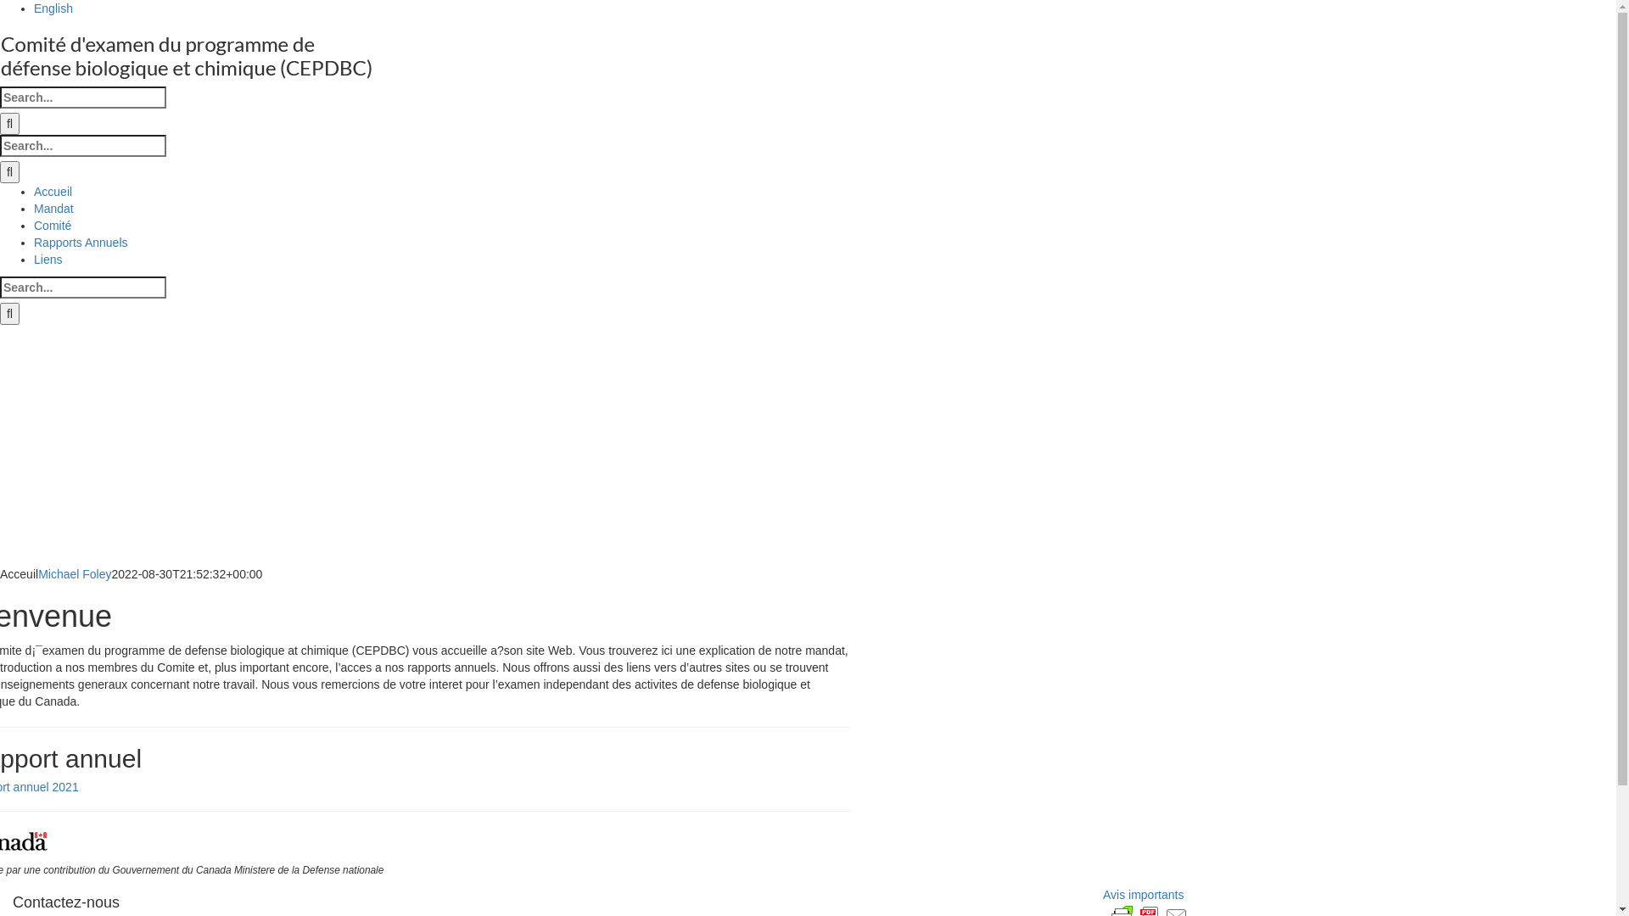  I want to click on 'Mandat', so click(33, 208).